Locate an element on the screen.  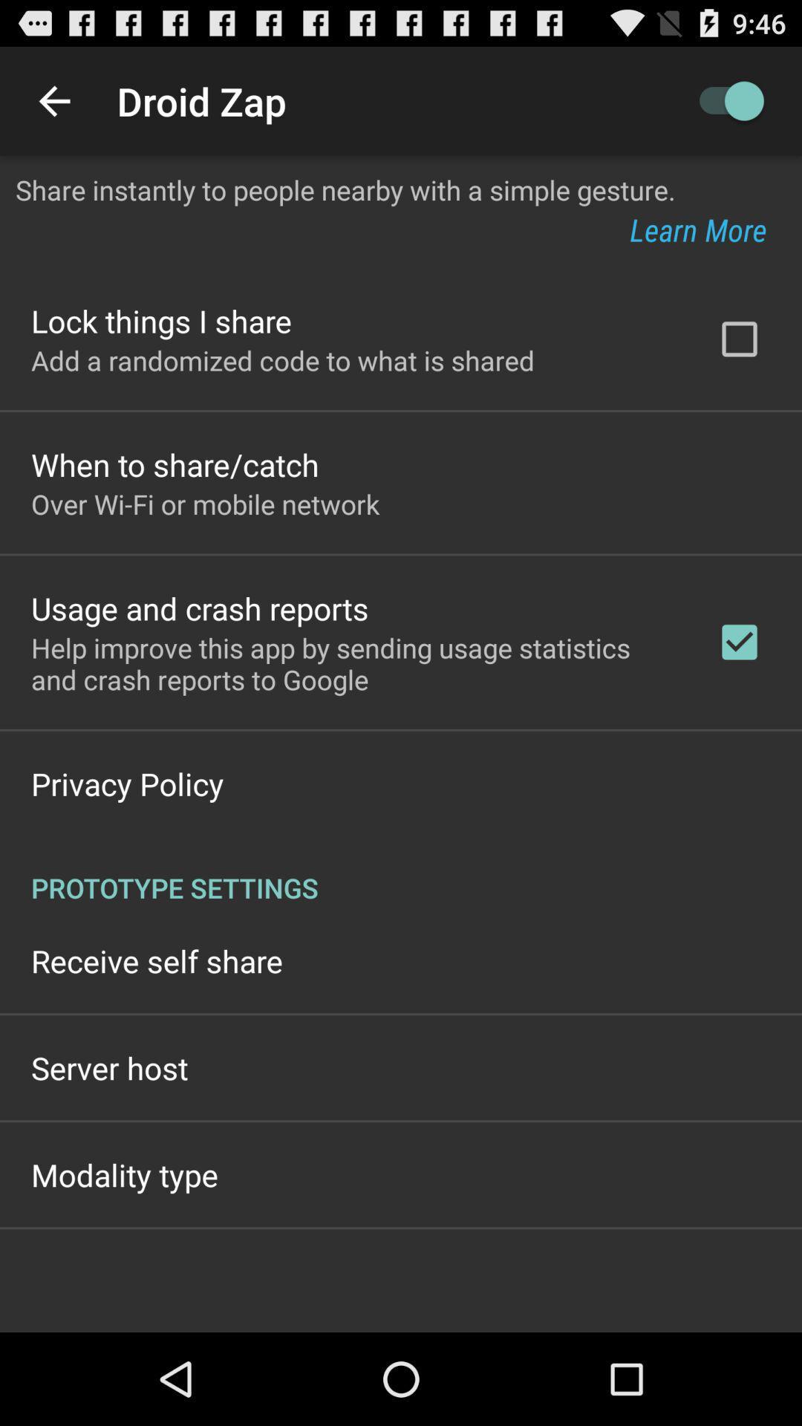
the app above share instantly to app is located at coordinates (723, 100).